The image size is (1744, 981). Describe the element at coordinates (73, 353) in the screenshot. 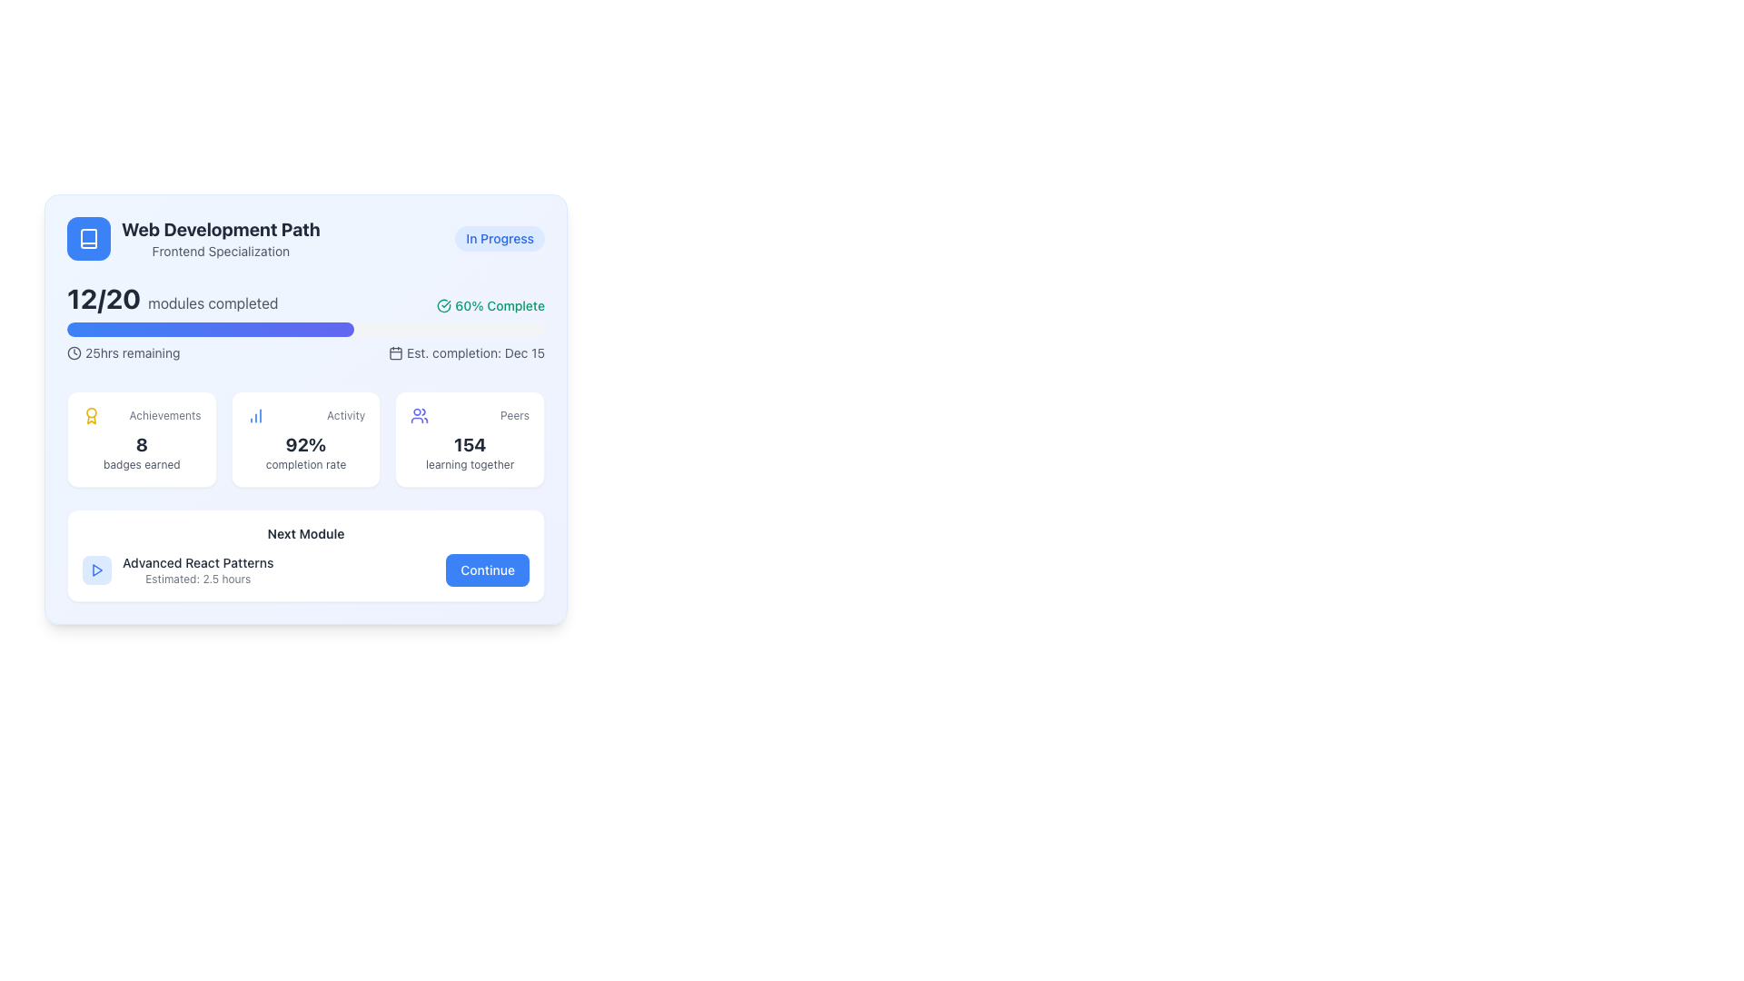

I see `the outlined clock icon located to the left of the text '25hrs remaining'` at that location.